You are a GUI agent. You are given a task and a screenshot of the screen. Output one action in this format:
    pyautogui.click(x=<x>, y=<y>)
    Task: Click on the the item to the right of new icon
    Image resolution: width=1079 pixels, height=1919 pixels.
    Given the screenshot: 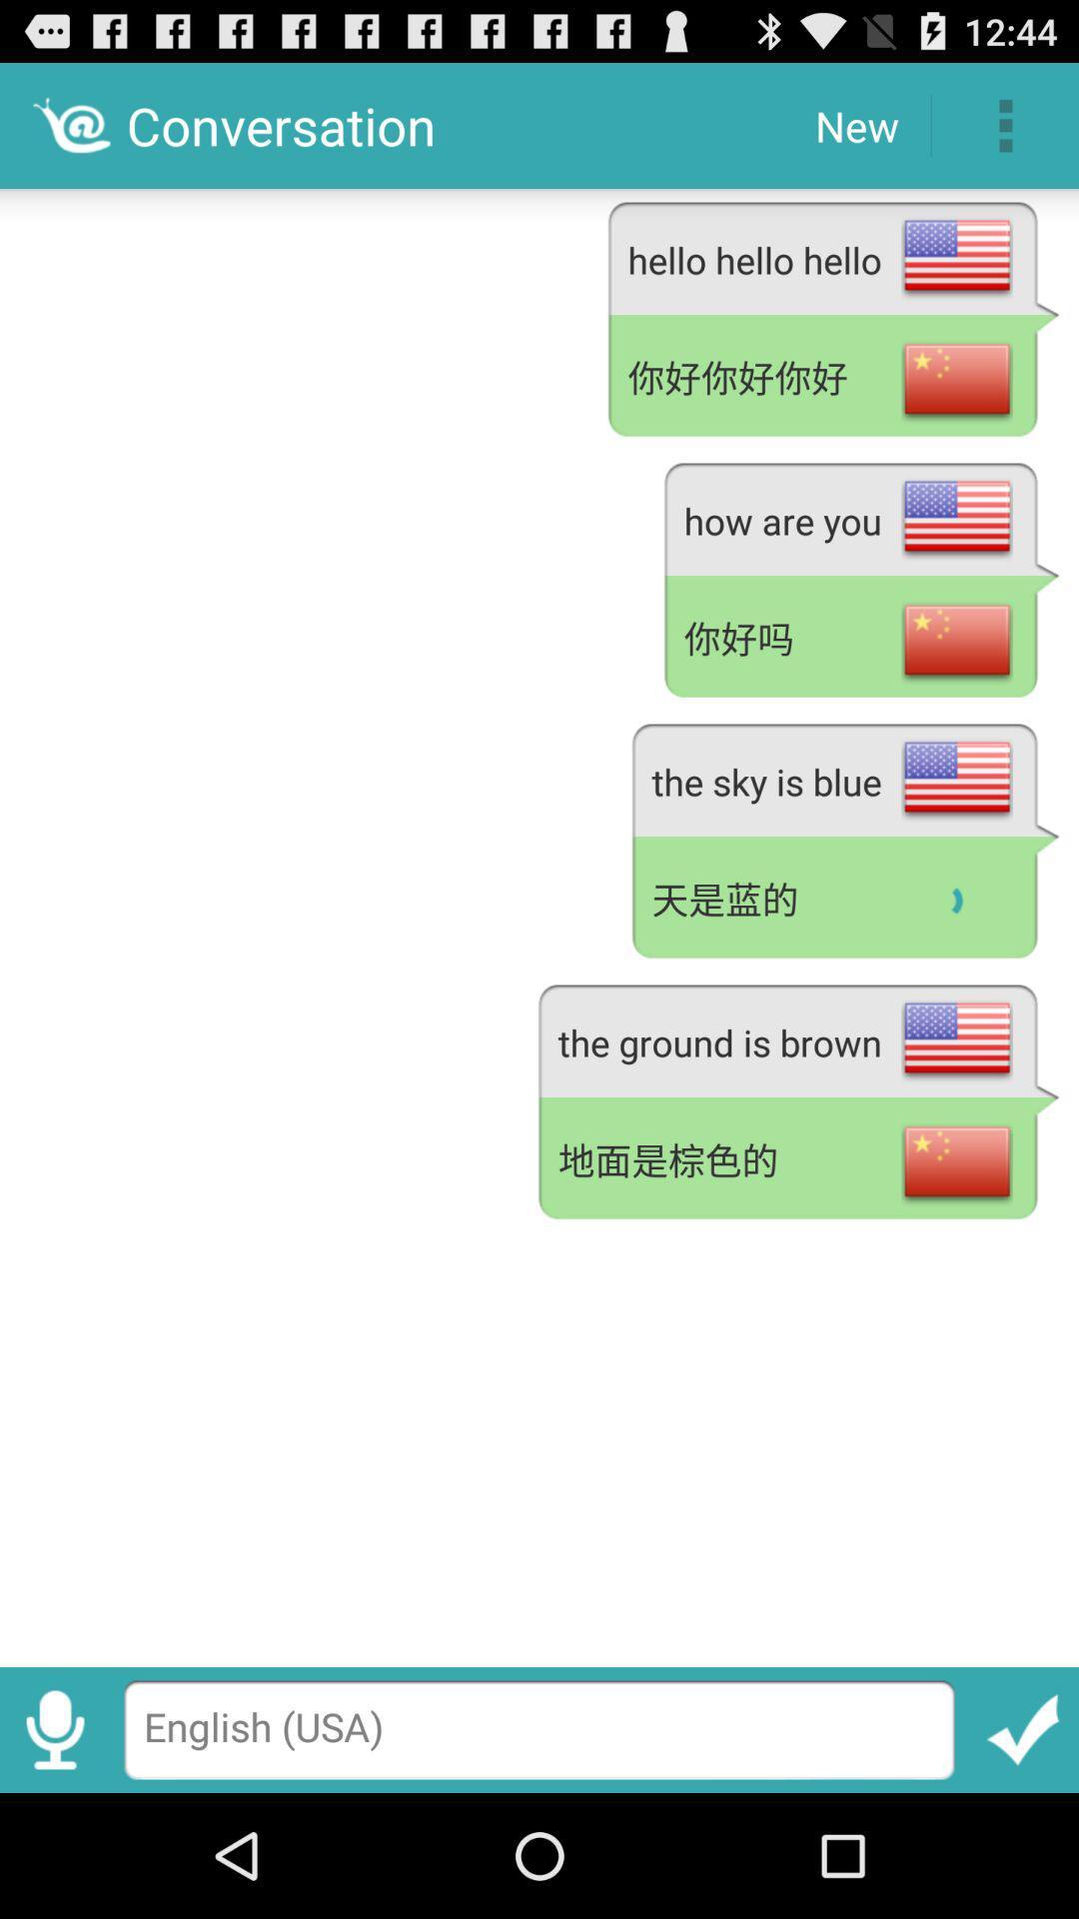 What is the action you would take?
    pyautogui.click(x=1005, y=124)
    